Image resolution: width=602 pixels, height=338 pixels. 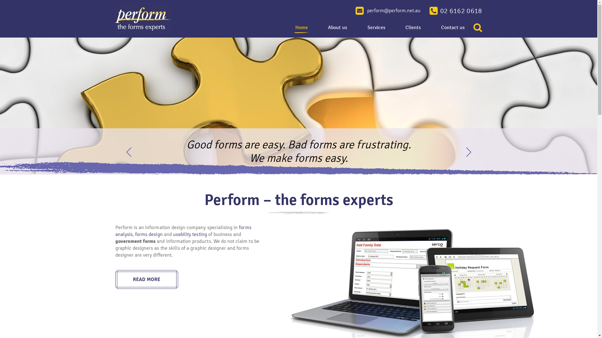 I want to click on 'Home', so click(x=301, y=30).